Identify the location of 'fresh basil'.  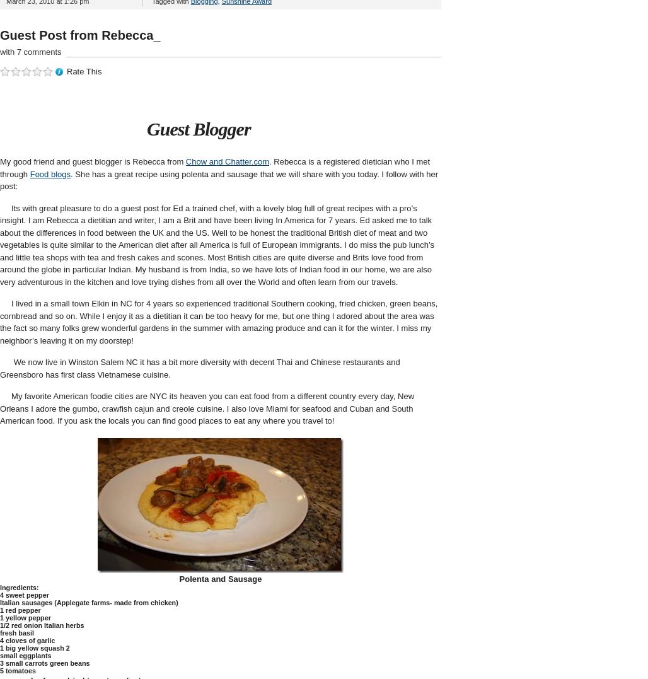
(0, 632).